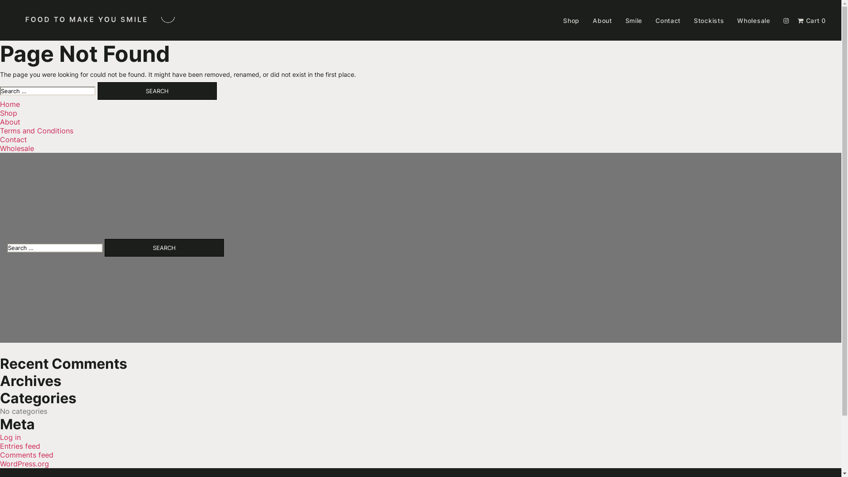 The height and width of the screenshot is (477, 848). What do you see at coordinates (625, 20) in the screenshot?
I see `'Smile'` at bounding box center [625, 20].